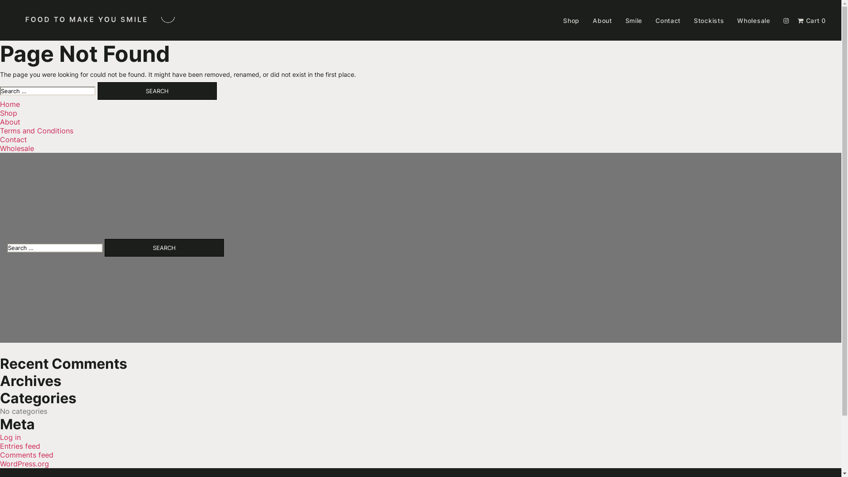 The height and width of the screenshot is (477, 848). What do you see at coordinates (625, 20) in the screenshot?
I see `'Smile'` at bounding box center [625, 20].